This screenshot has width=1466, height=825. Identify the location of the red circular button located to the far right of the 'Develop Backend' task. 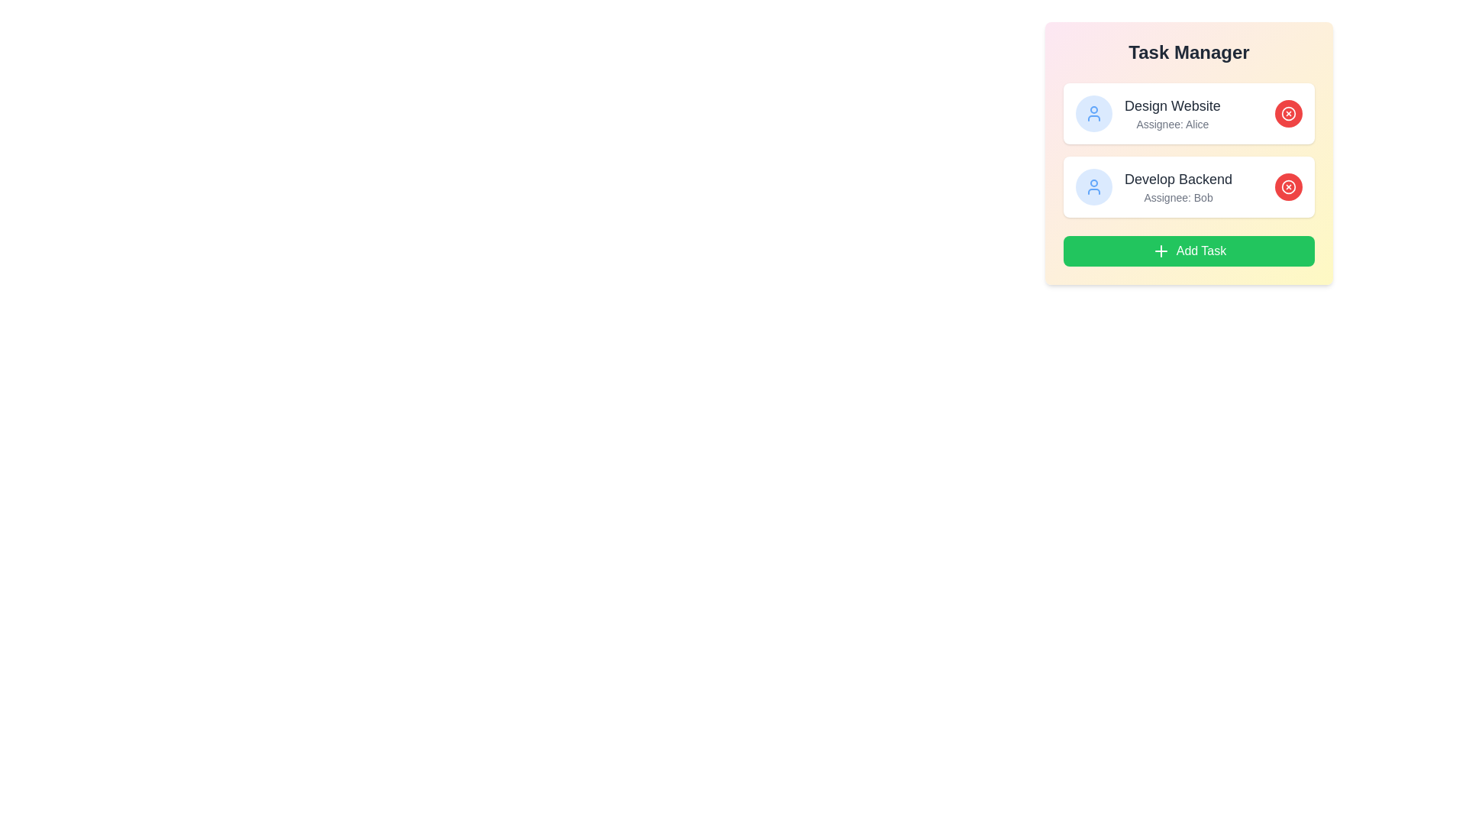
(1288, 186).